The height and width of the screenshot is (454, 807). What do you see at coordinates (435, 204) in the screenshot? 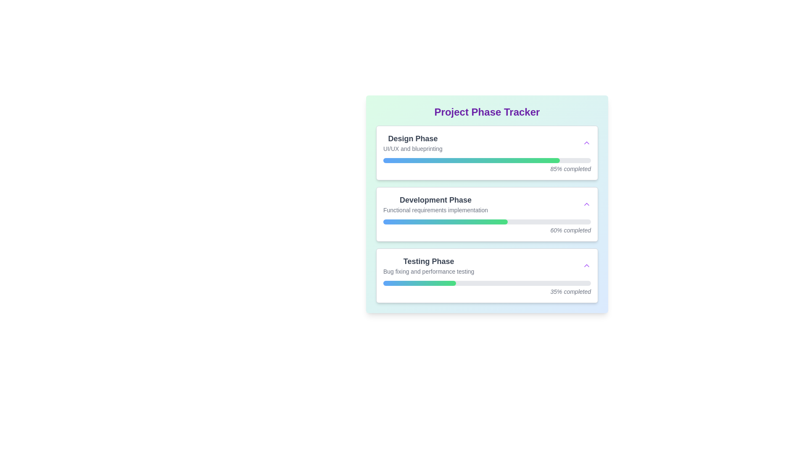
I see `the 'Development Phase' heading and subtitle in the second card of the project progress tracker` at bounding box center [435, 204].